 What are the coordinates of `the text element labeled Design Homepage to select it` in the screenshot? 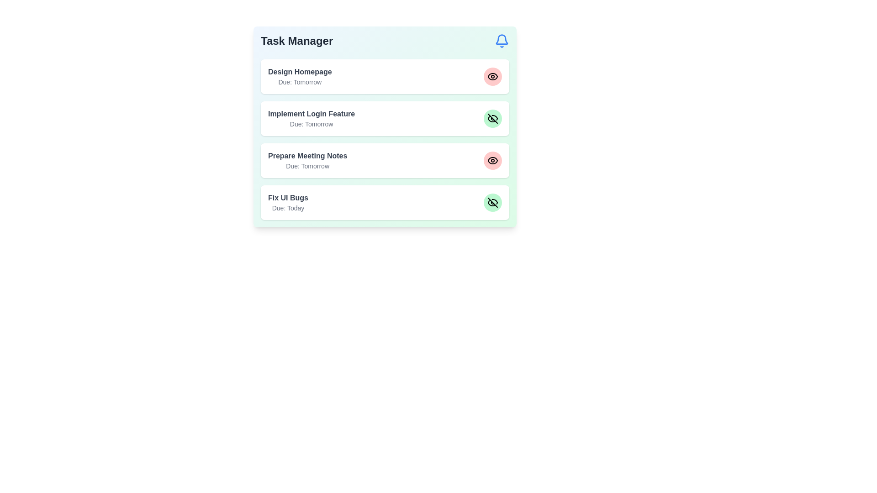 It's located at (300, 72).